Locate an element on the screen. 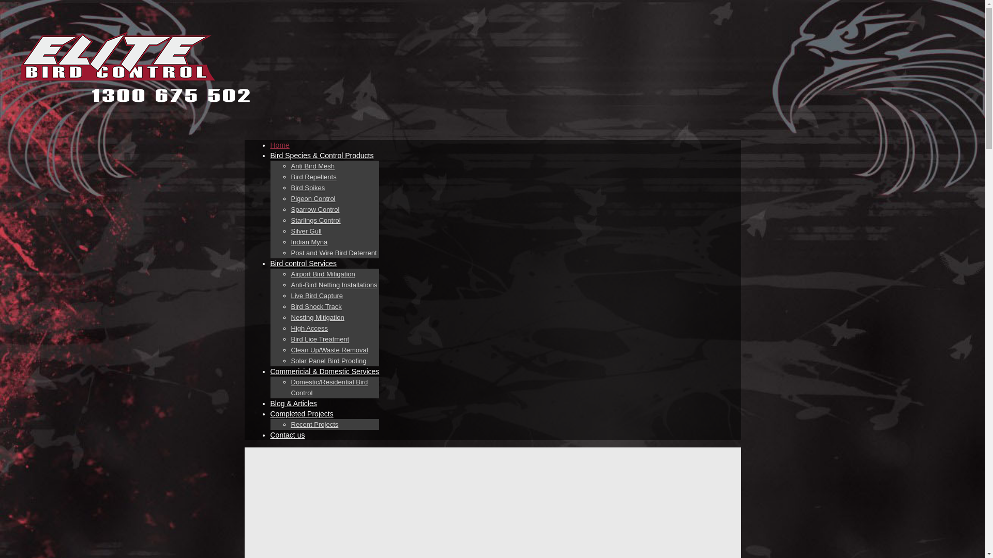  'Recent Projects' is located at coordinates (290, 424).